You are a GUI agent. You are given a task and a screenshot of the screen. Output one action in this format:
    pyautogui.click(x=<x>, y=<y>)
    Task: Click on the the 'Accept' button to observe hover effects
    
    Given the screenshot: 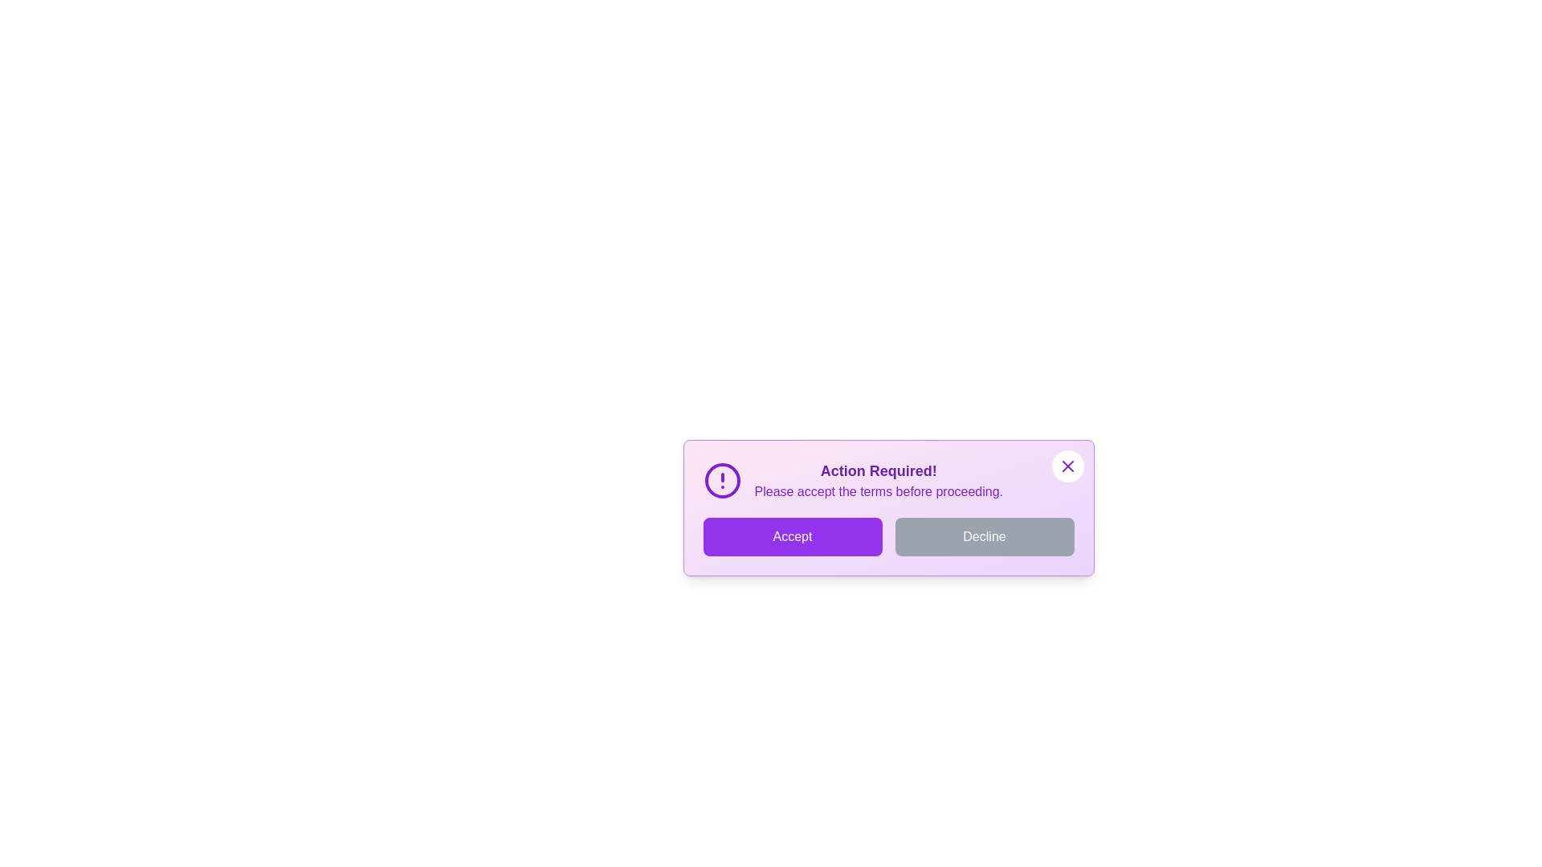 What is the action you would take?
    pyautogui.click(x=793, y=536)
    